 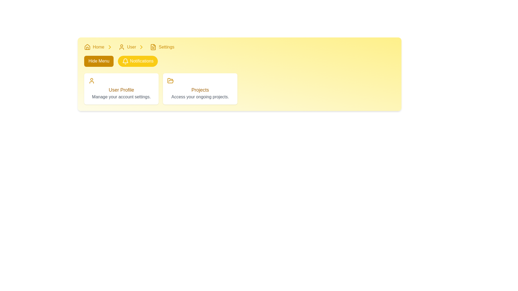 What do you see at coordinates (99, 61) in the screenshot?
I see `the rectangular button with rounded corners, yellow background, and white text that says 'Hide Menu' to hide the menu` at bounding box center [99, 61].